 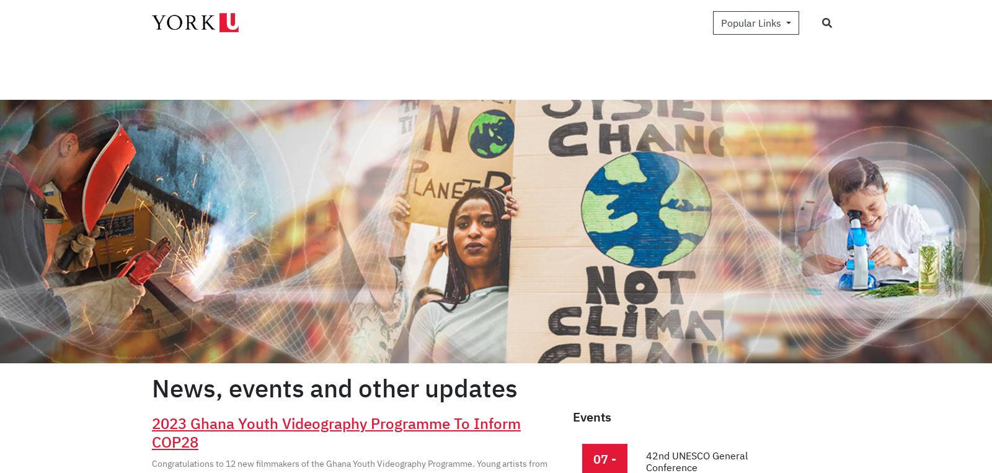 I want to click on 'News and Updates', so click(x=198, y=42).